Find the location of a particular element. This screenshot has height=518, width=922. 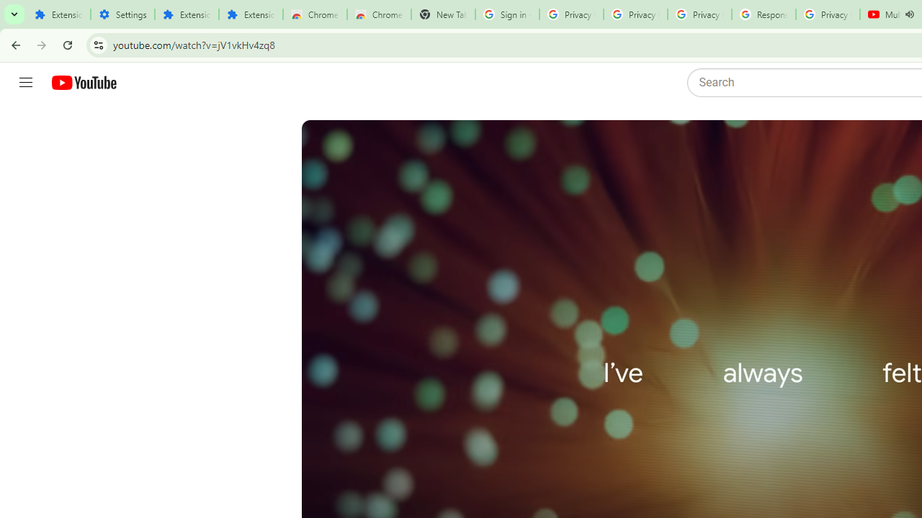

'Settings' is located at coordinates (122, 14).